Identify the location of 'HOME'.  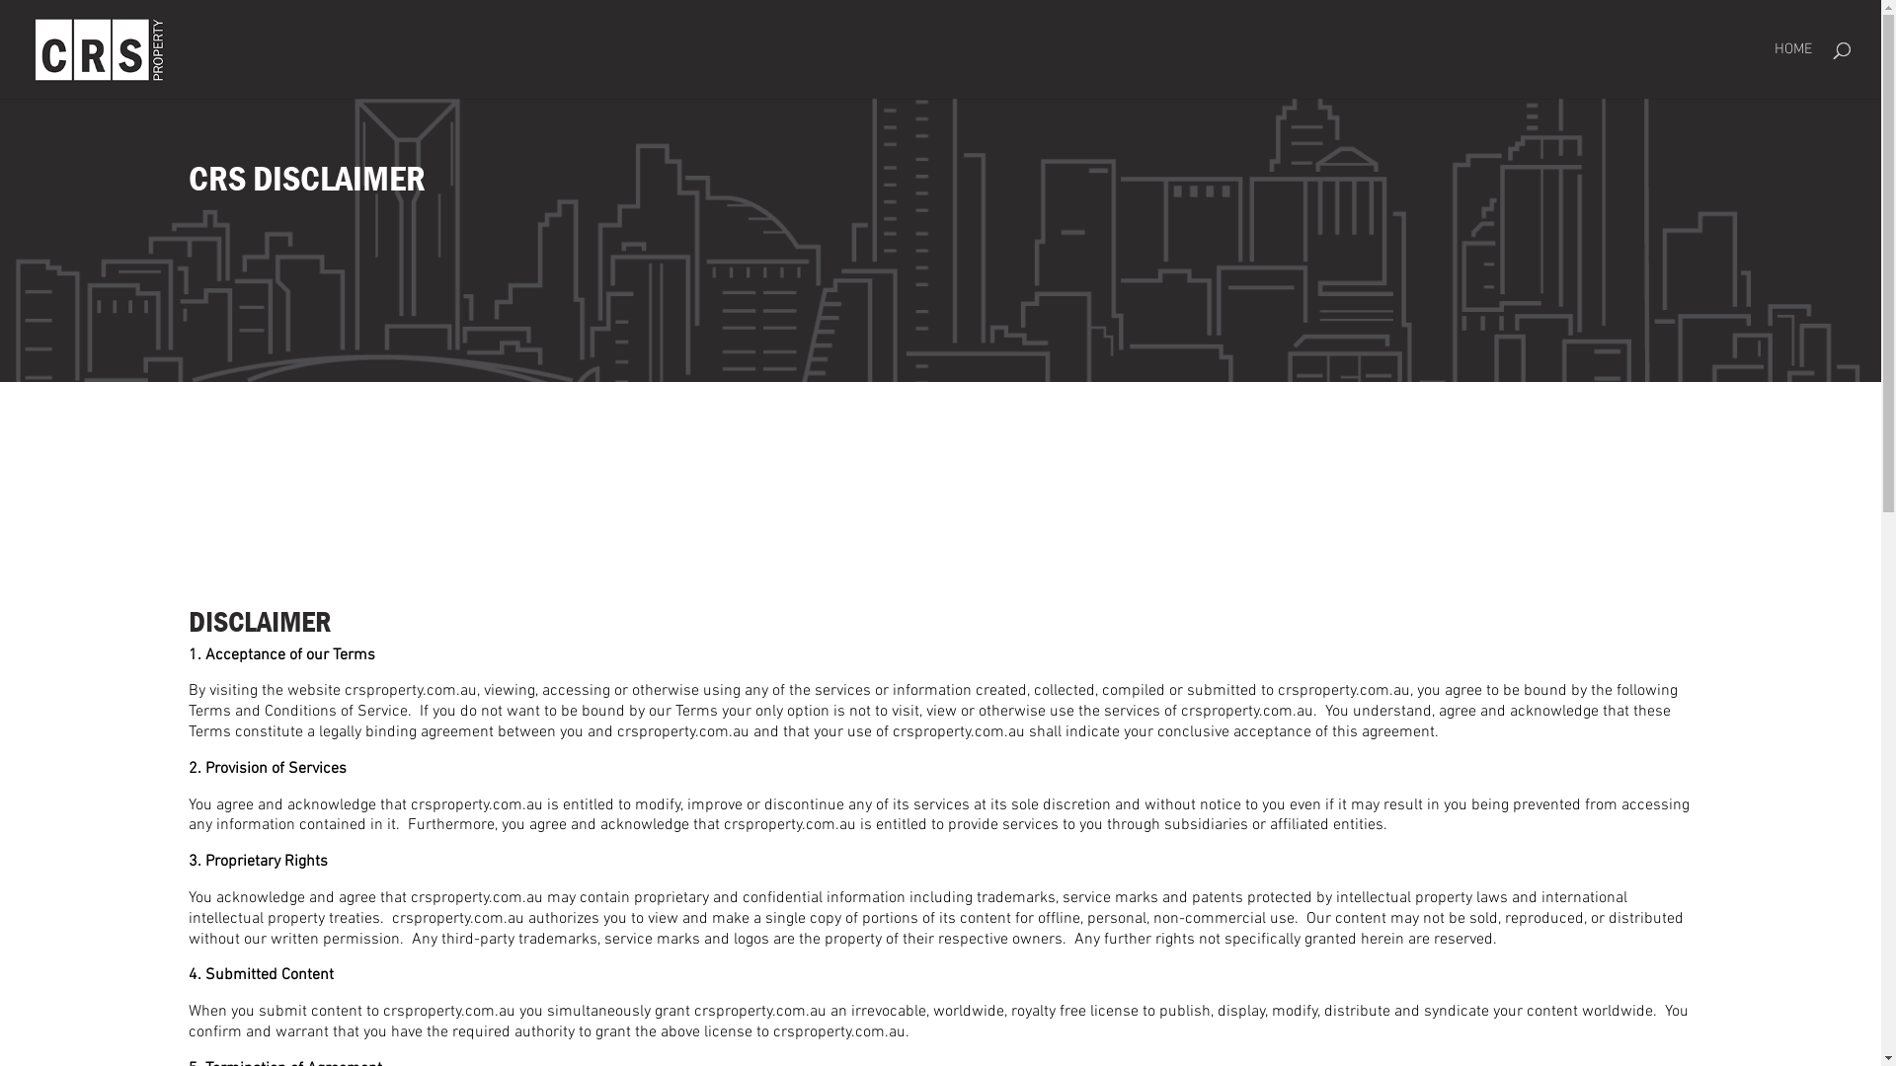
(1774, 69).